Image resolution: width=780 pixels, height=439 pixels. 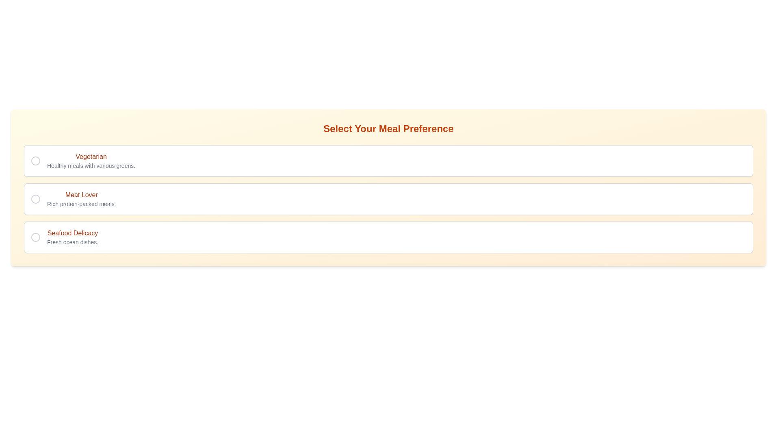 What do you see at coordinates (81, 203) in the screenshot?
I see `the text label element that reads 'Rich protein-packed meals.' located directly below the 'Meat Lover' title in the meal preference options list` at bounding box center [81, 203].